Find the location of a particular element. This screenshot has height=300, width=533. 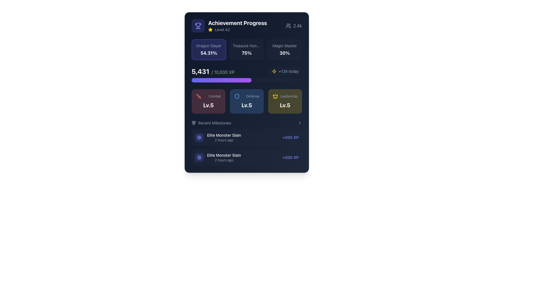

the yellow lightning bolt icon in the top bar, located between the 'Achievement Progress' label and the user count icon is located at coordinates (274, 71).